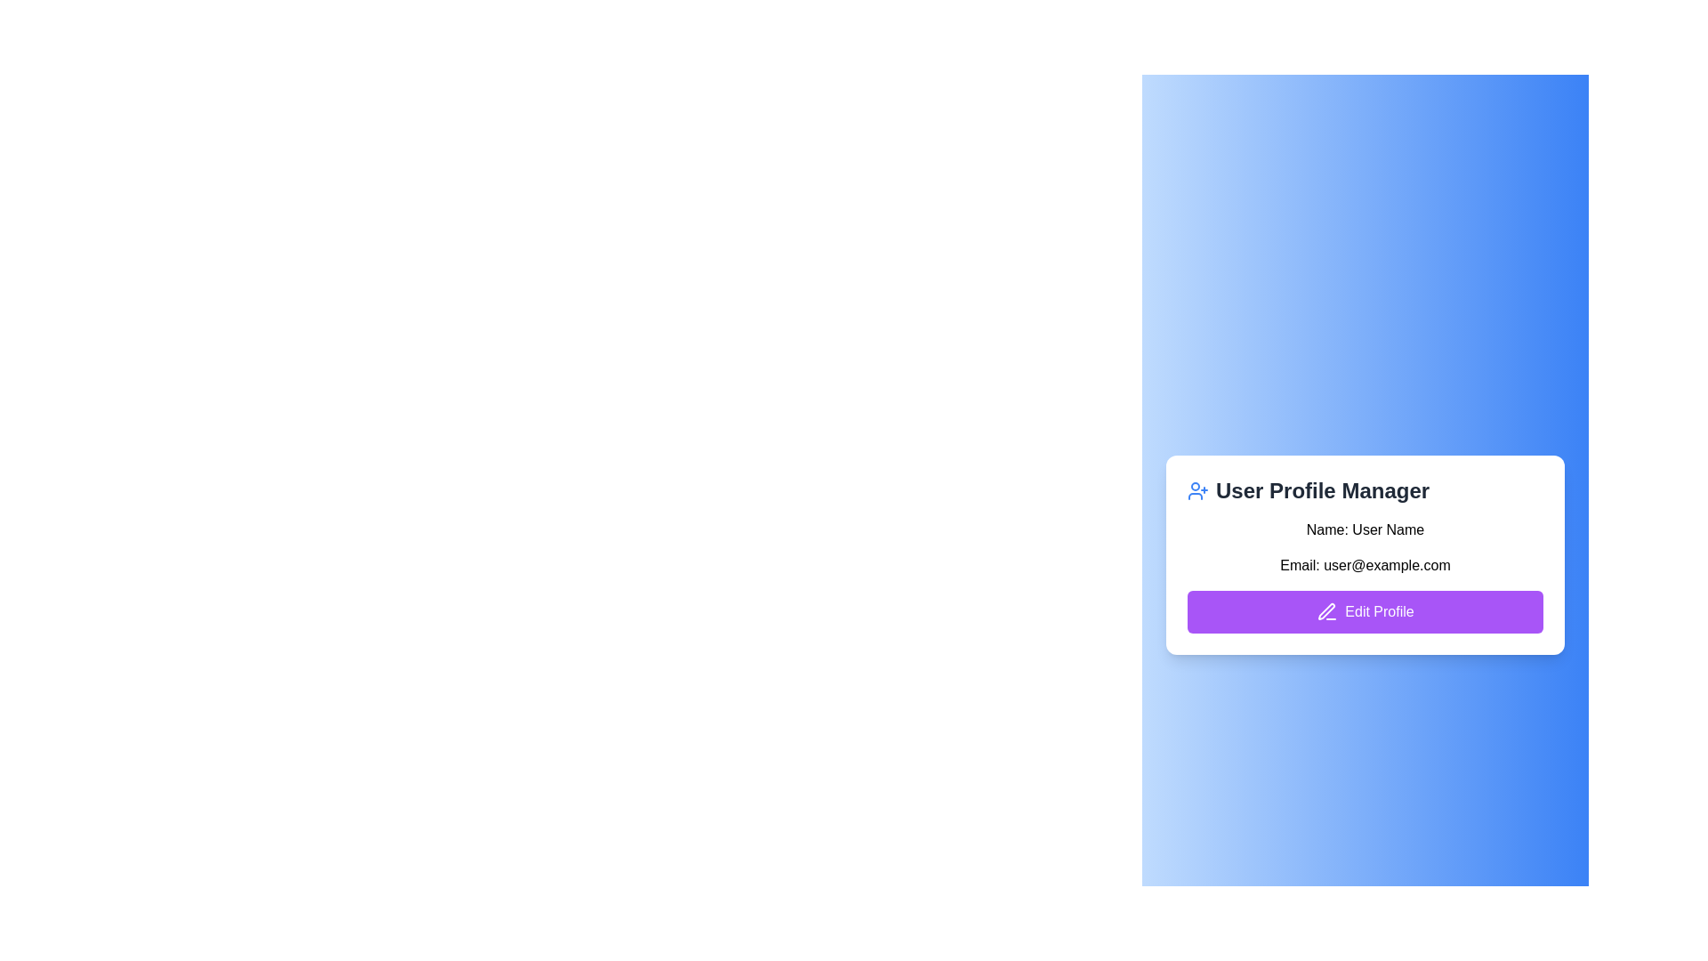  Describe the element at coordinates (1365, 610) in the screenshot. I see `the button located at the bottom of the profile card` at that location.